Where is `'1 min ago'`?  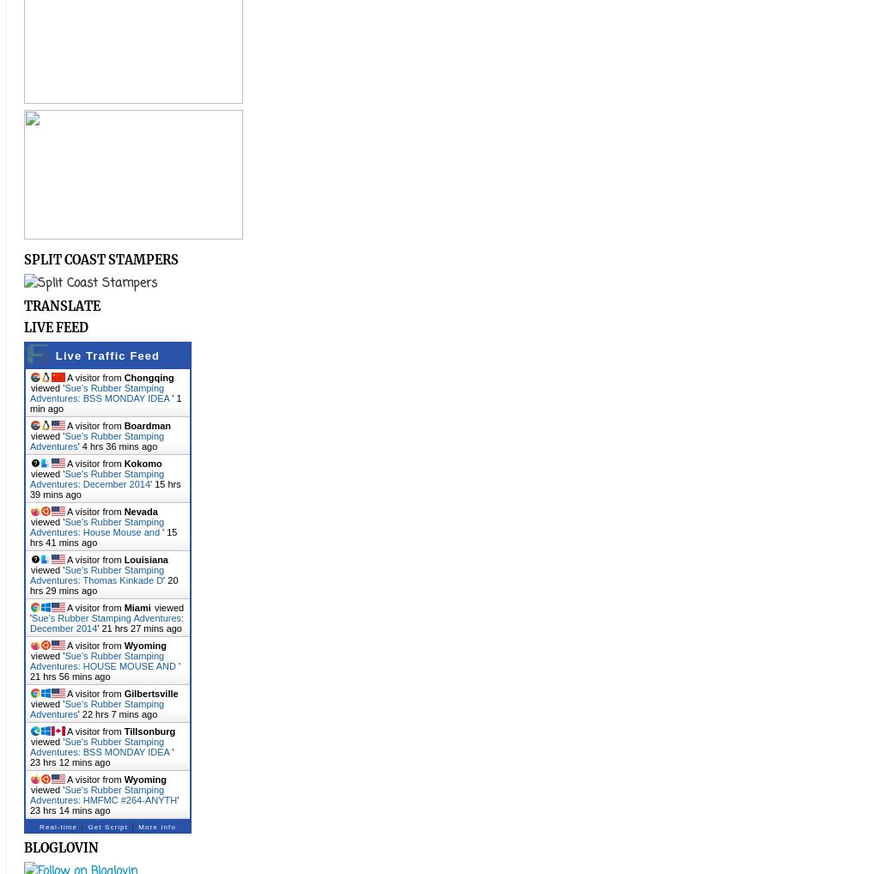
'1 min ago' is located at coordinates (104, 404).